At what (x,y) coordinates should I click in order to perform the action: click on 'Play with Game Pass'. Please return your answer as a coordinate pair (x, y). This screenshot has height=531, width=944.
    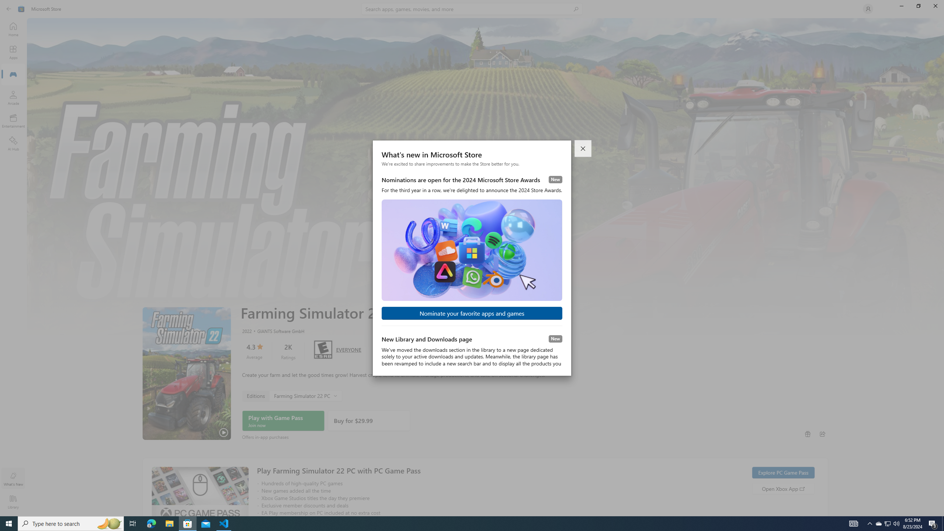
    Looking at the image, I should click on (283, 421).